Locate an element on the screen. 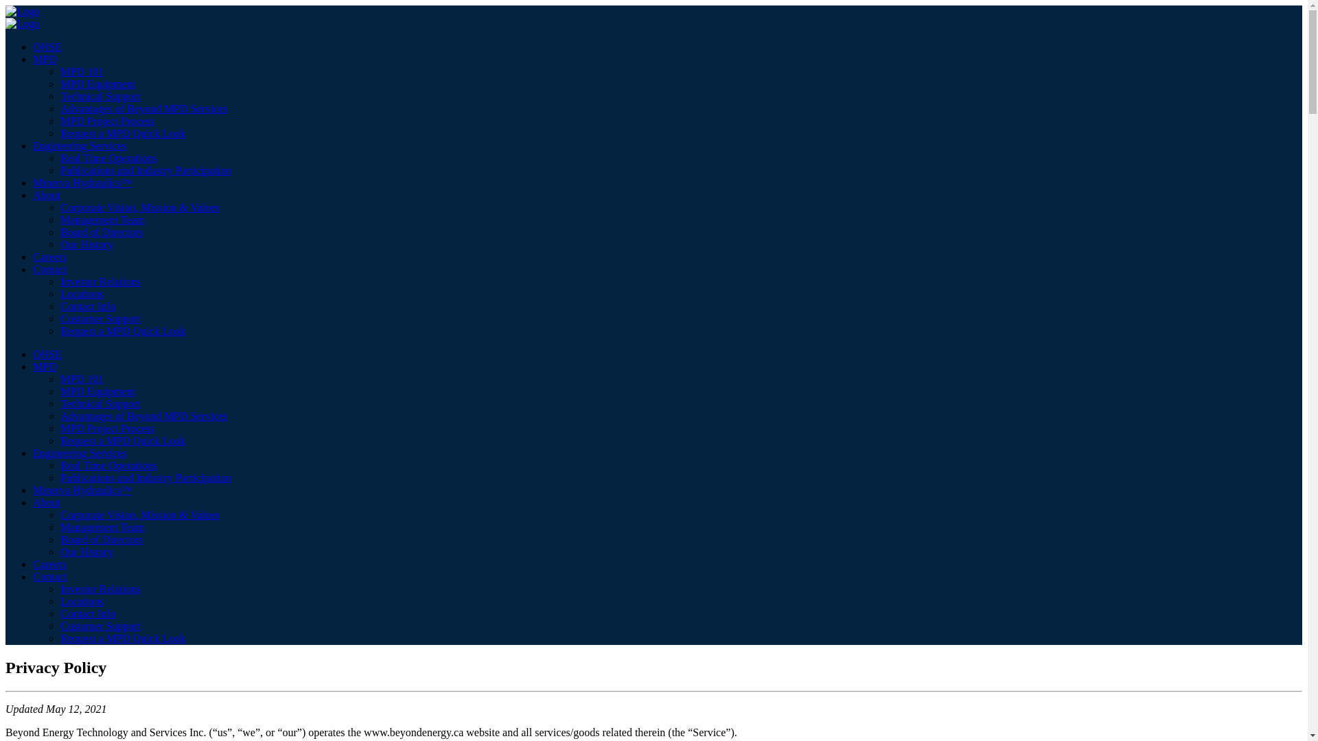 This screenshot has width=1318, height=741. 'QHSE' is located at coordinates (47, 46).